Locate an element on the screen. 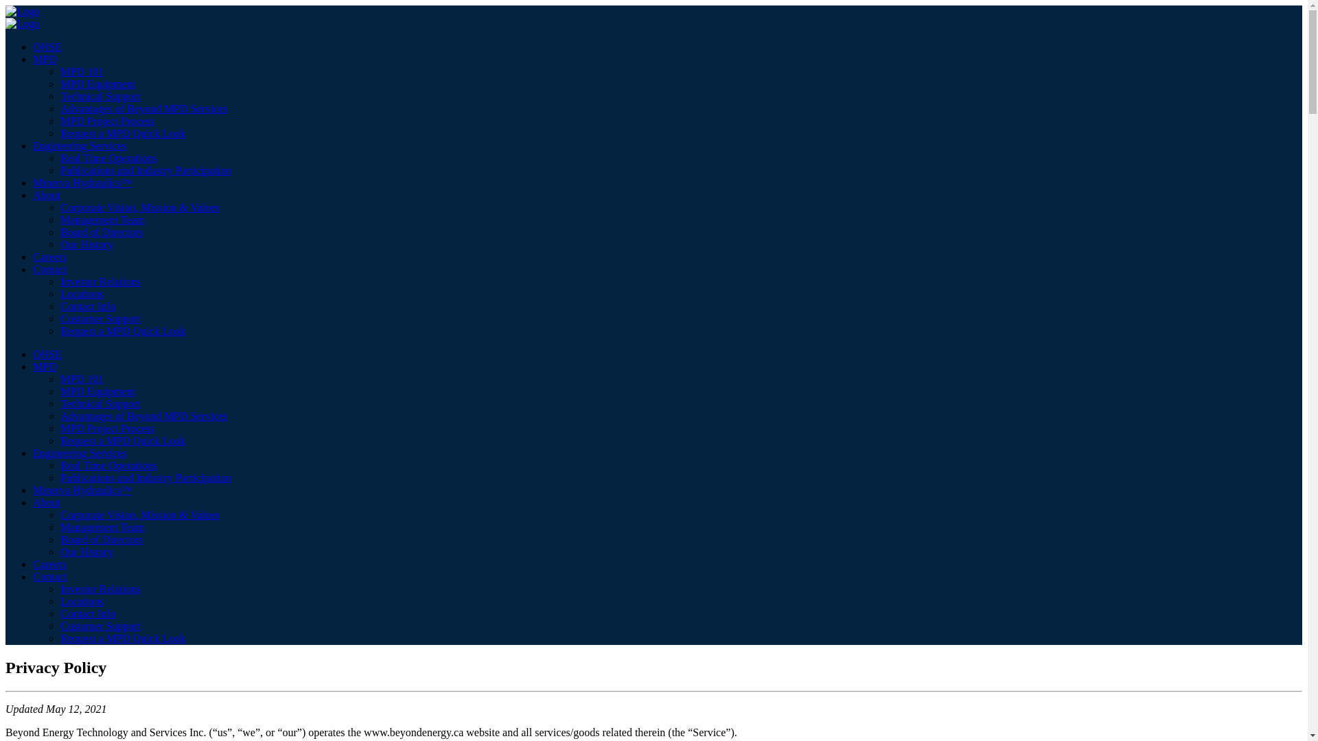 This screenshot has width=1318, height=741. 'QHSE' is located at coordinates (47, 46).